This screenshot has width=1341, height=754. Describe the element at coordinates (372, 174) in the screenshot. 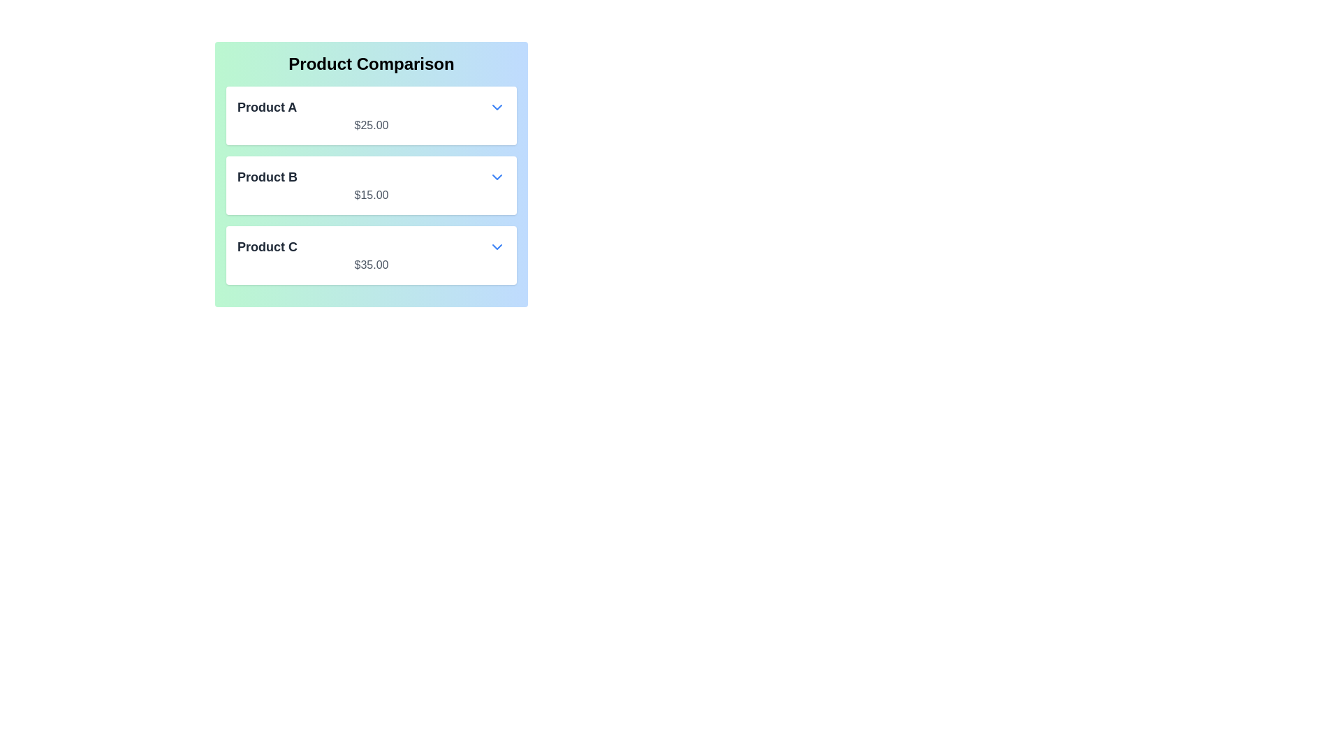

I see `the second product entry in the comparison interface, which is located beneath 'Product A' and above 'Product C'` at that location.